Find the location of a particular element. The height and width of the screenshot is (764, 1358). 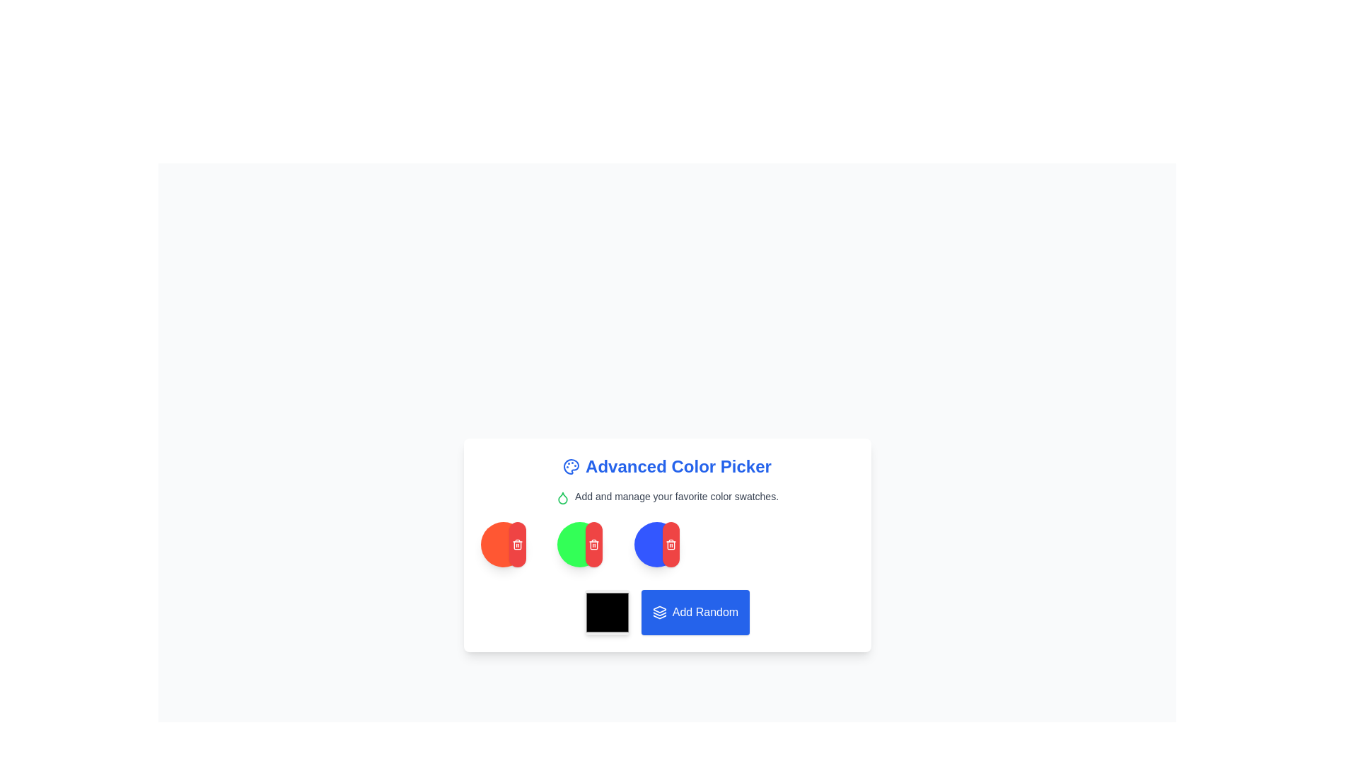

the circular graphical element resembling a palette symbol, located above the 'Advanced Color Picker' label and to the left of the text is located at coordinates (571, 467).